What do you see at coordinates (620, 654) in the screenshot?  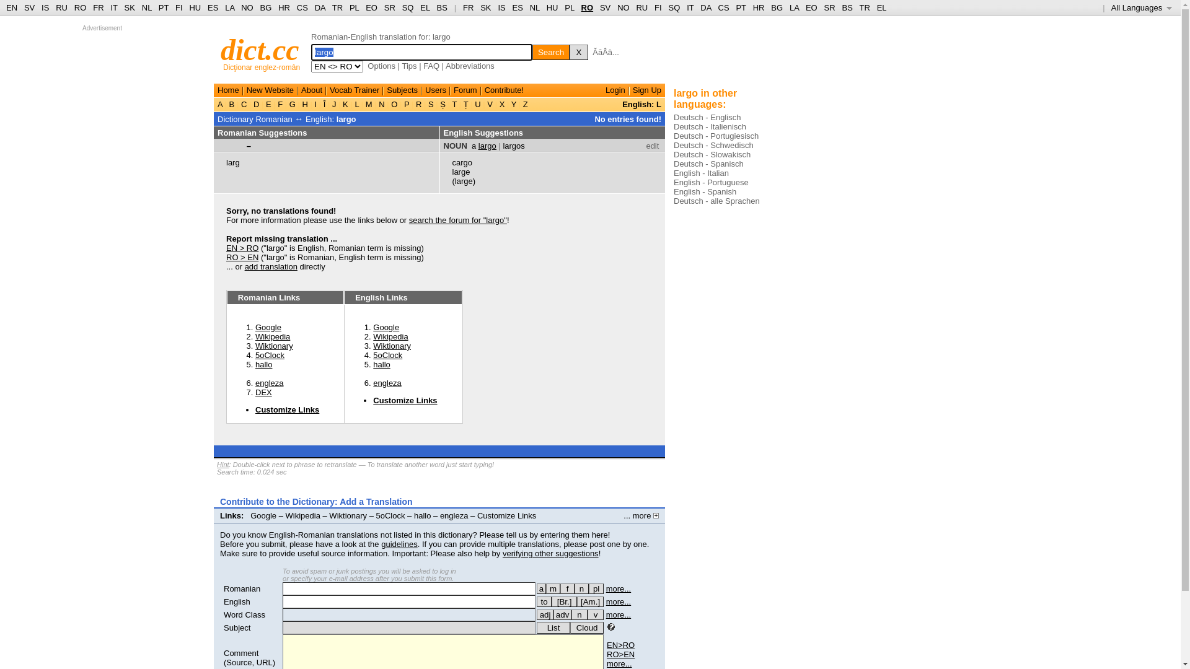 I see `'RO>EN'` at bounding box center [620, 654].